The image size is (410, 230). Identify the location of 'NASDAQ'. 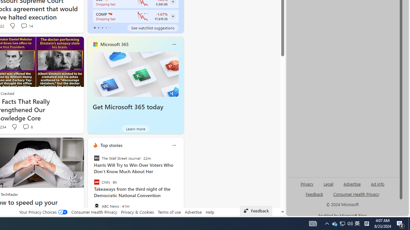
(110, 14).